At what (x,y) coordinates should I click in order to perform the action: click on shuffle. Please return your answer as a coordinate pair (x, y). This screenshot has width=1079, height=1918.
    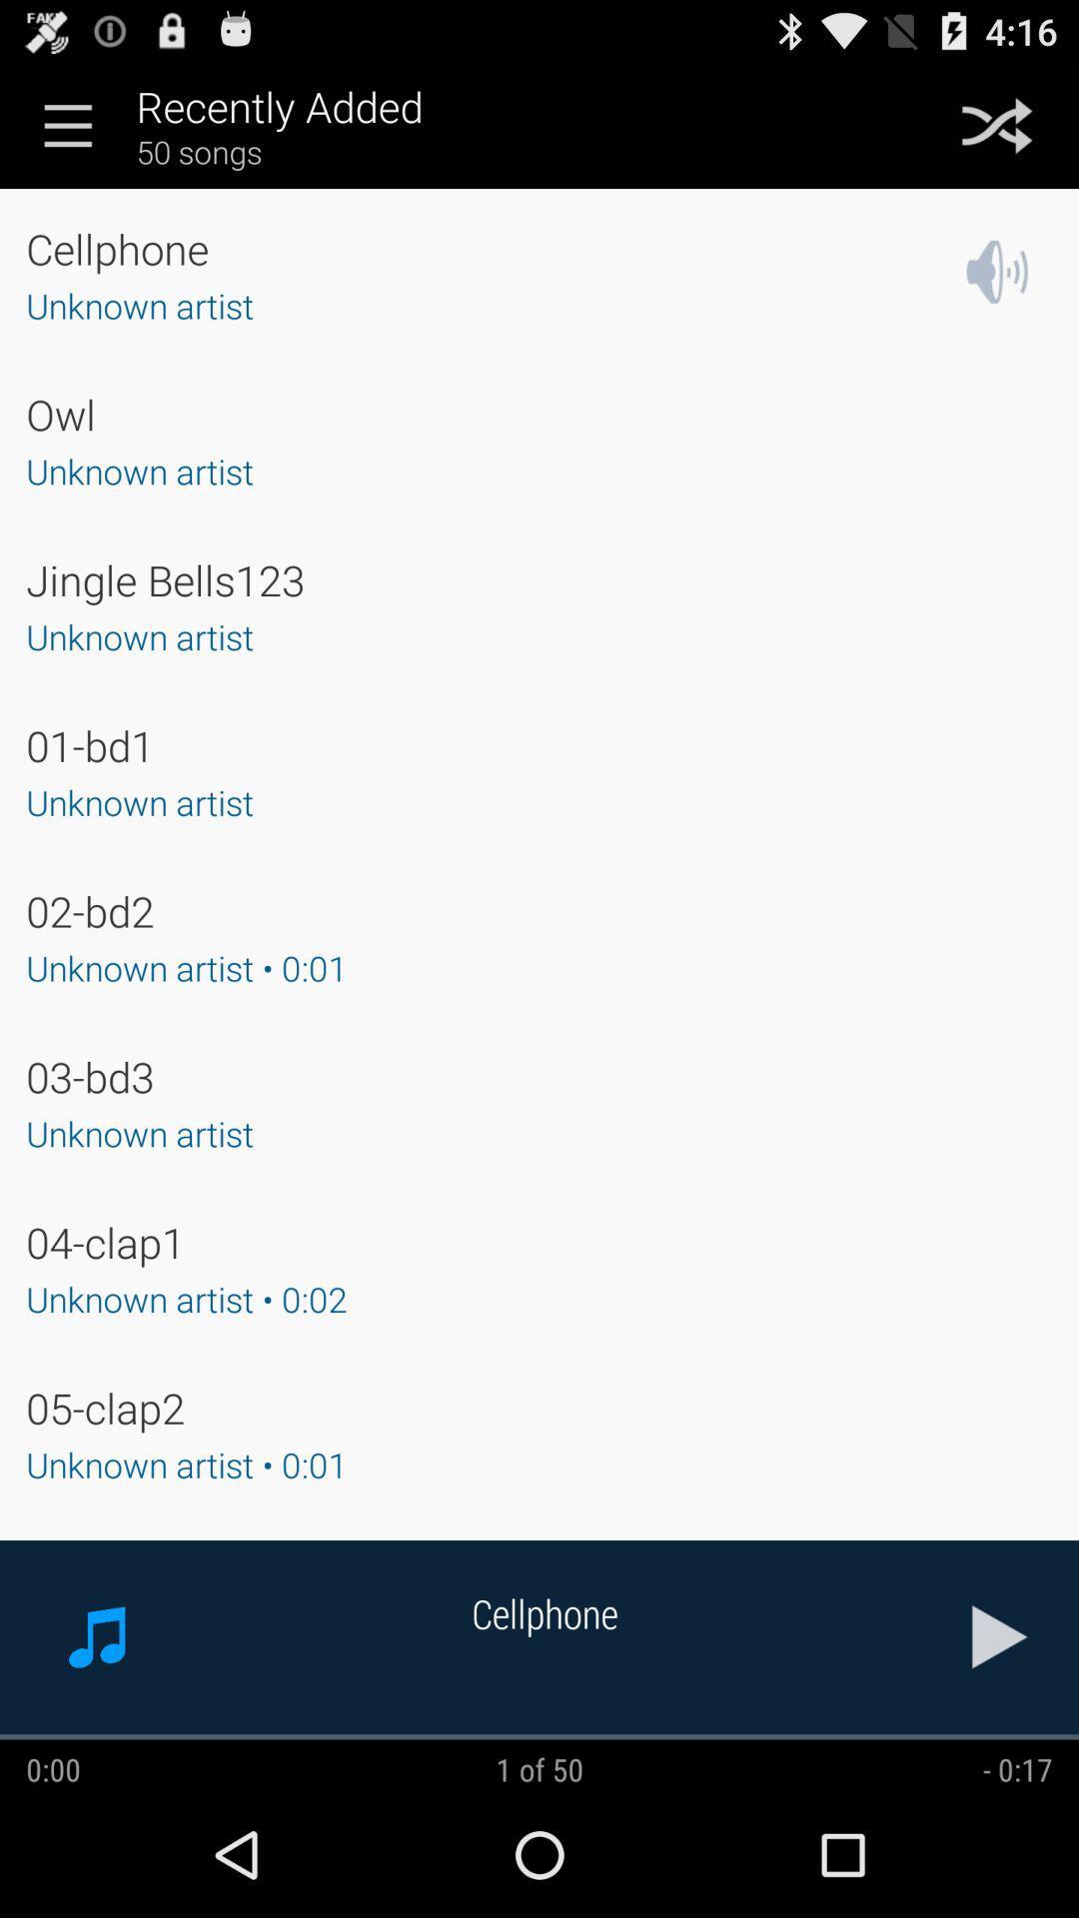
    Looking at the image, I should click on (997, 124).